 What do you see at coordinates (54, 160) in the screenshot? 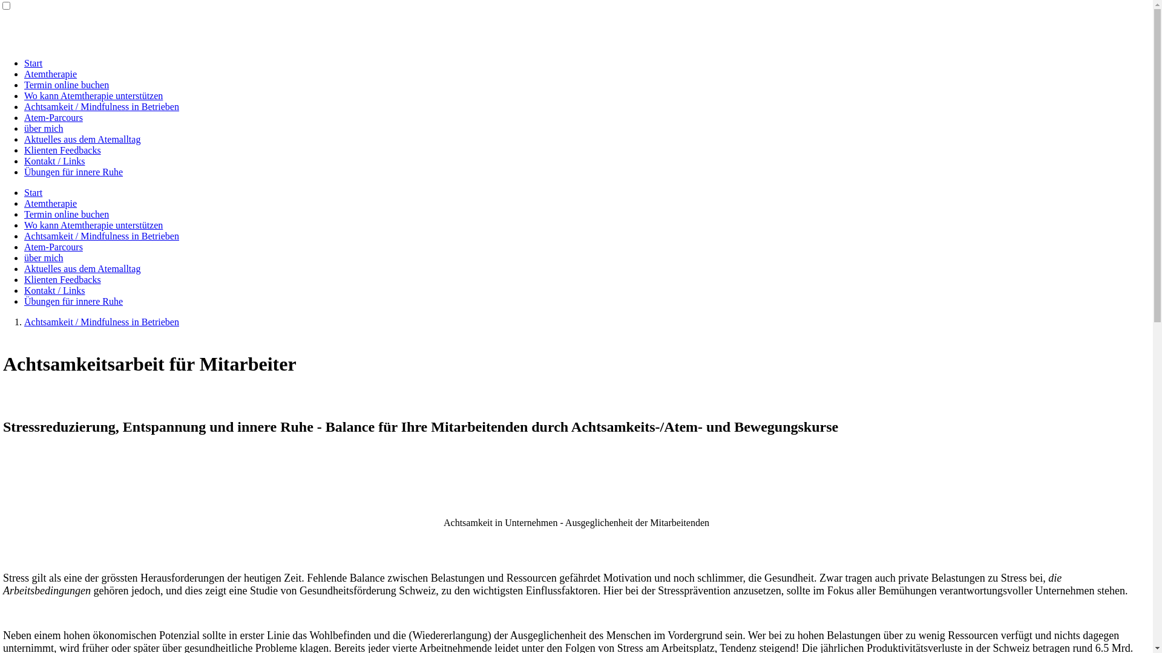
I see `'Kontakt / Links'` at bounding box center [54, 160].